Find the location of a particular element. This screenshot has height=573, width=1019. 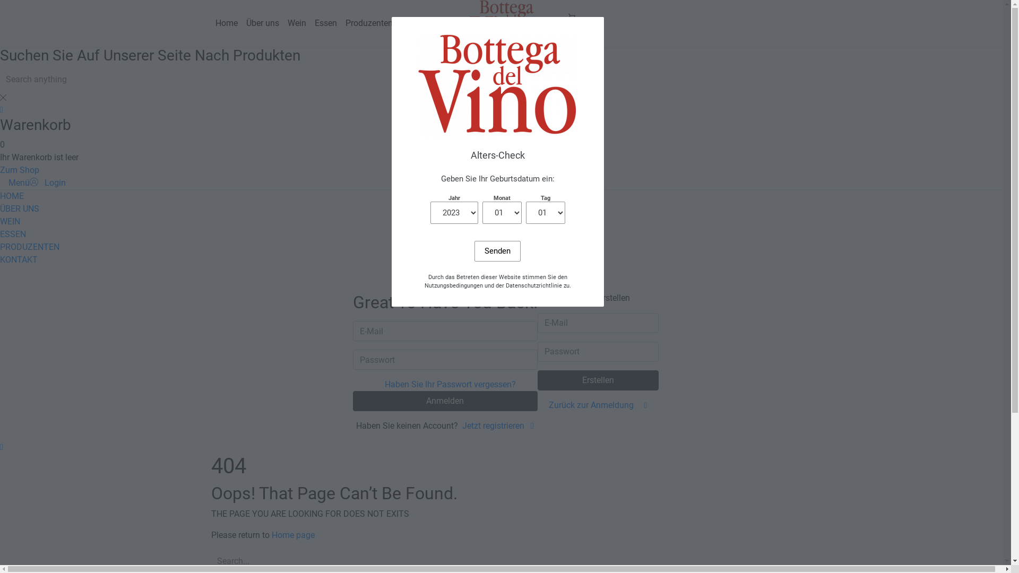

'WEIN' is located at coordinates (10, 221).